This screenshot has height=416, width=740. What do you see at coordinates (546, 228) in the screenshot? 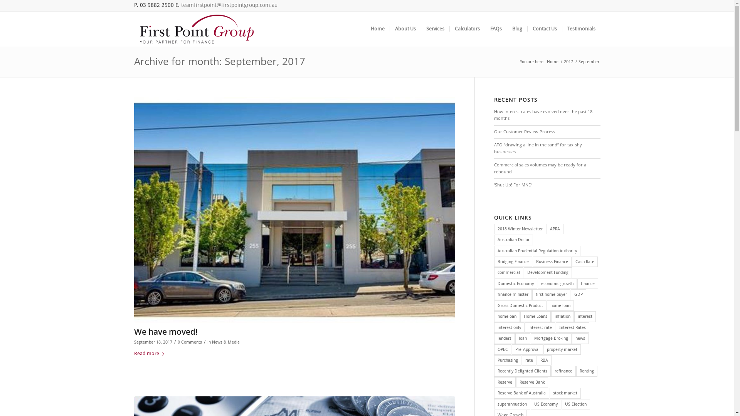
I see `'APRA'` at bounding box center [546, 228].